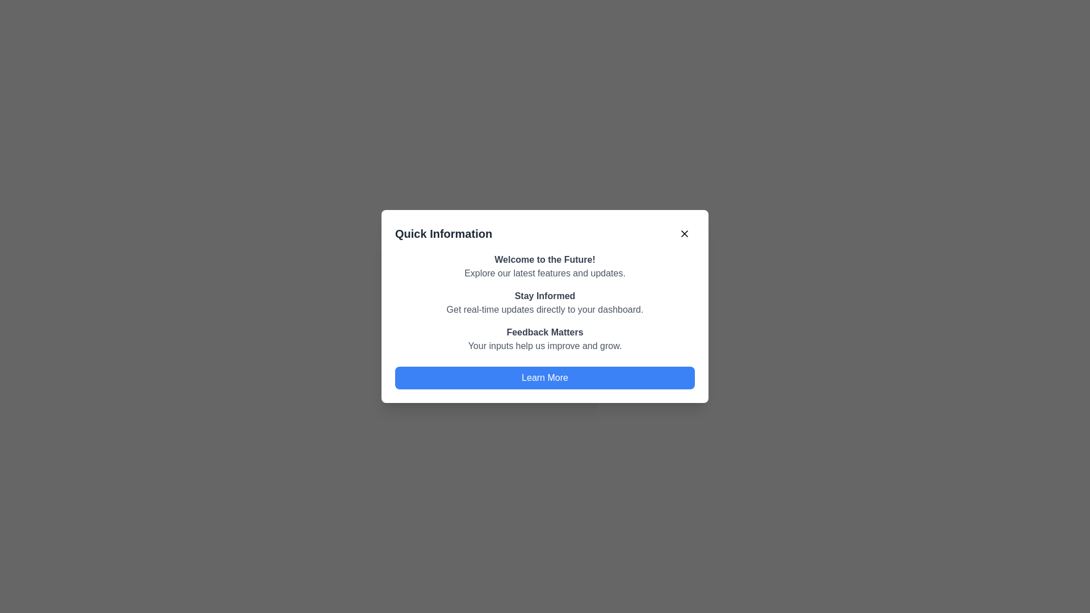 The height and width of the screenshot is (613, 1090). I want to click on the Text Block that contains the bold text 'Feedback Matters' and the lighter text 'Your inputs help us improve and grow.' located beneath the 'Stay Informed' section and above the blue 'Learn More' button, so click(545, 338).